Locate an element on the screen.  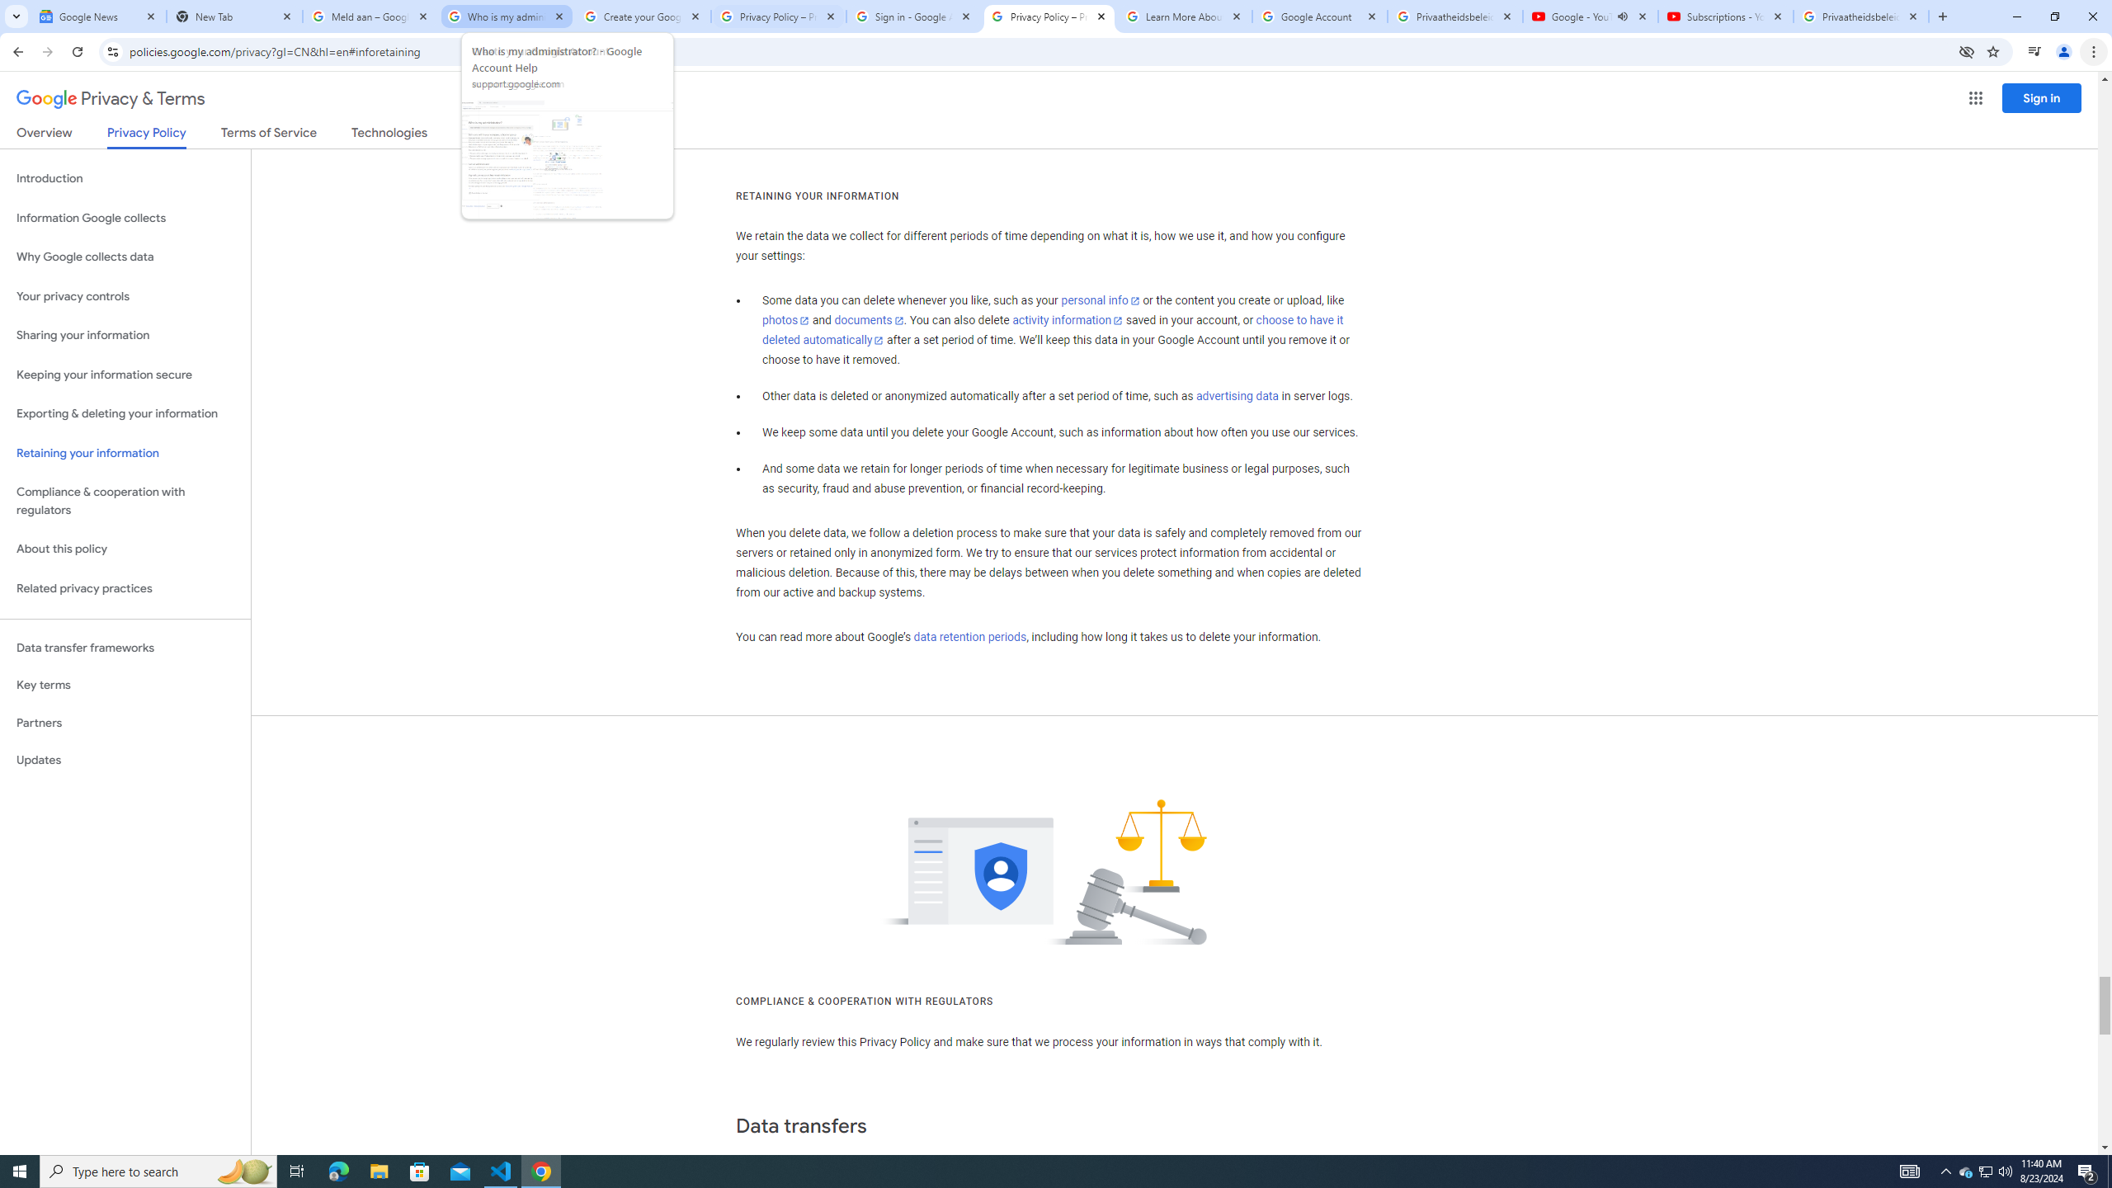
'Sign in - Google Accounts' is located at coordinates (912, 16).